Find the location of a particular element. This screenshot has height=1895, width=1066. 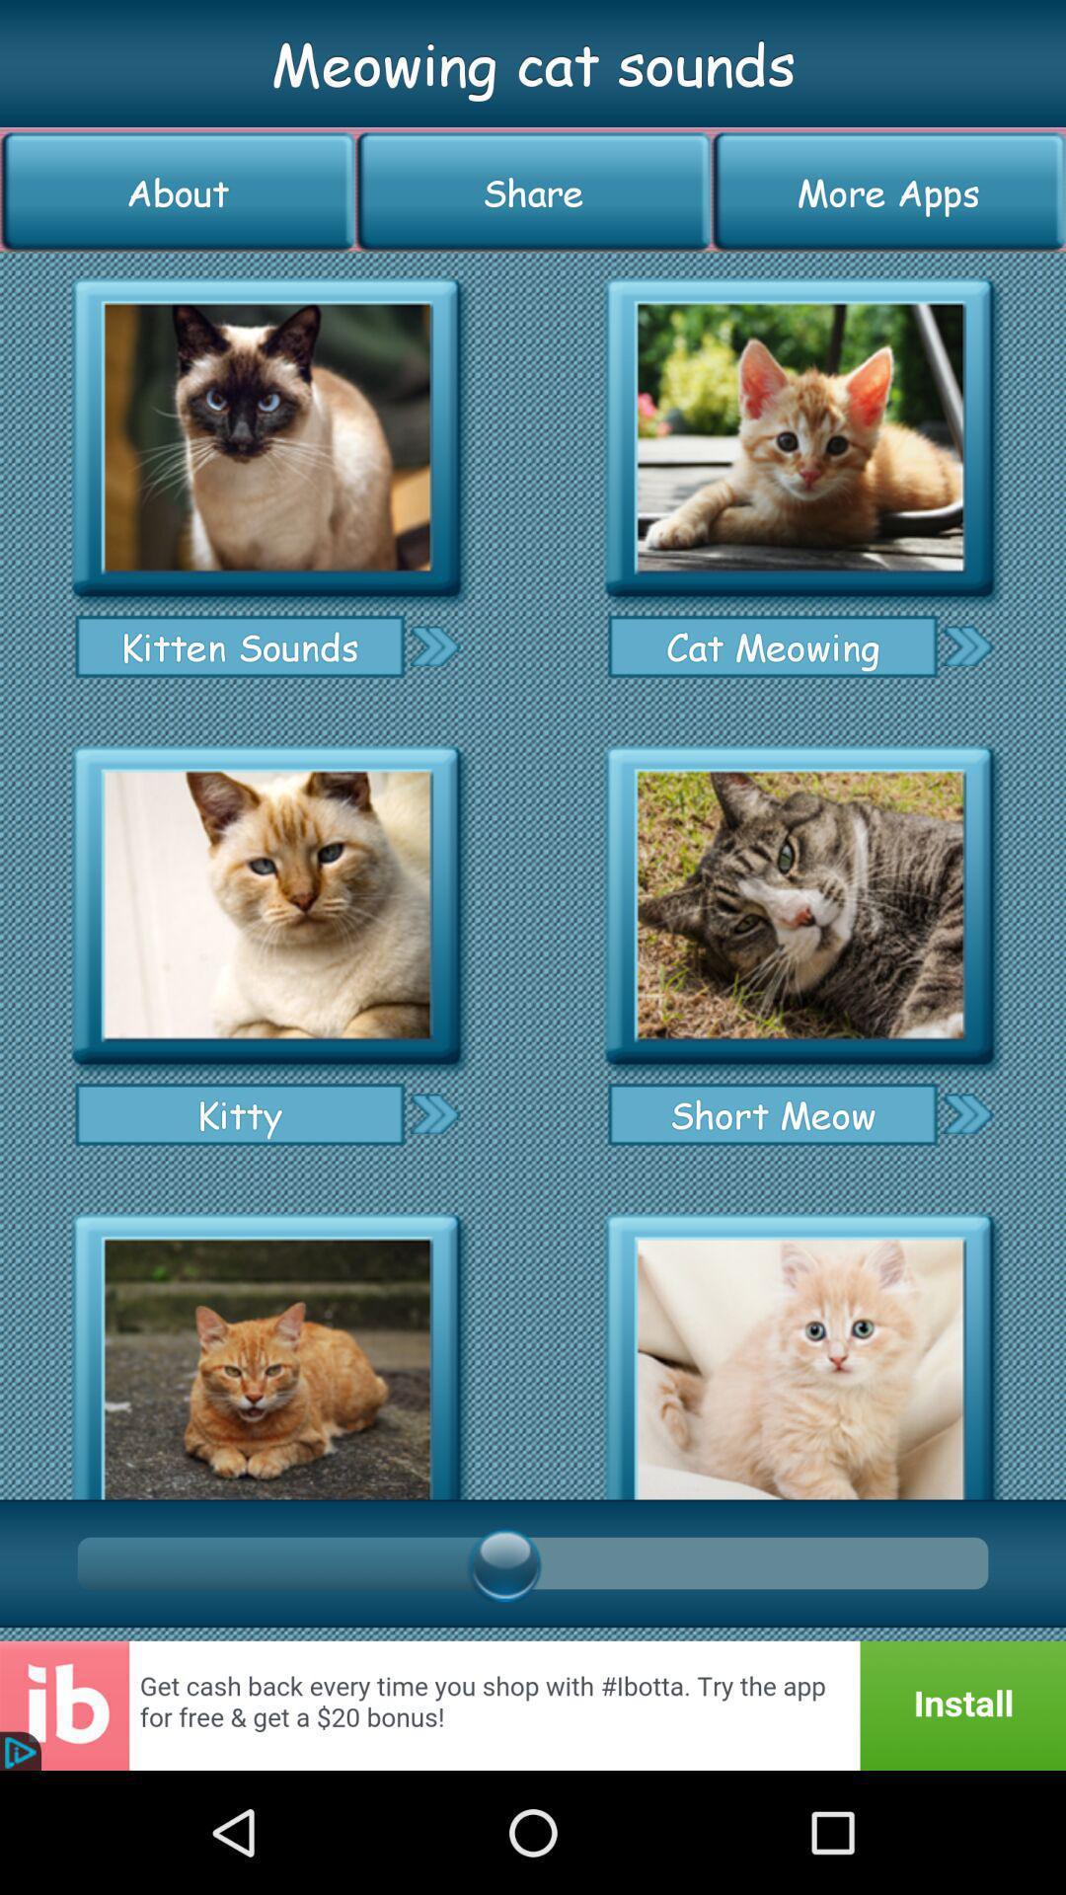

the share item is located at coordinates (533, 191).